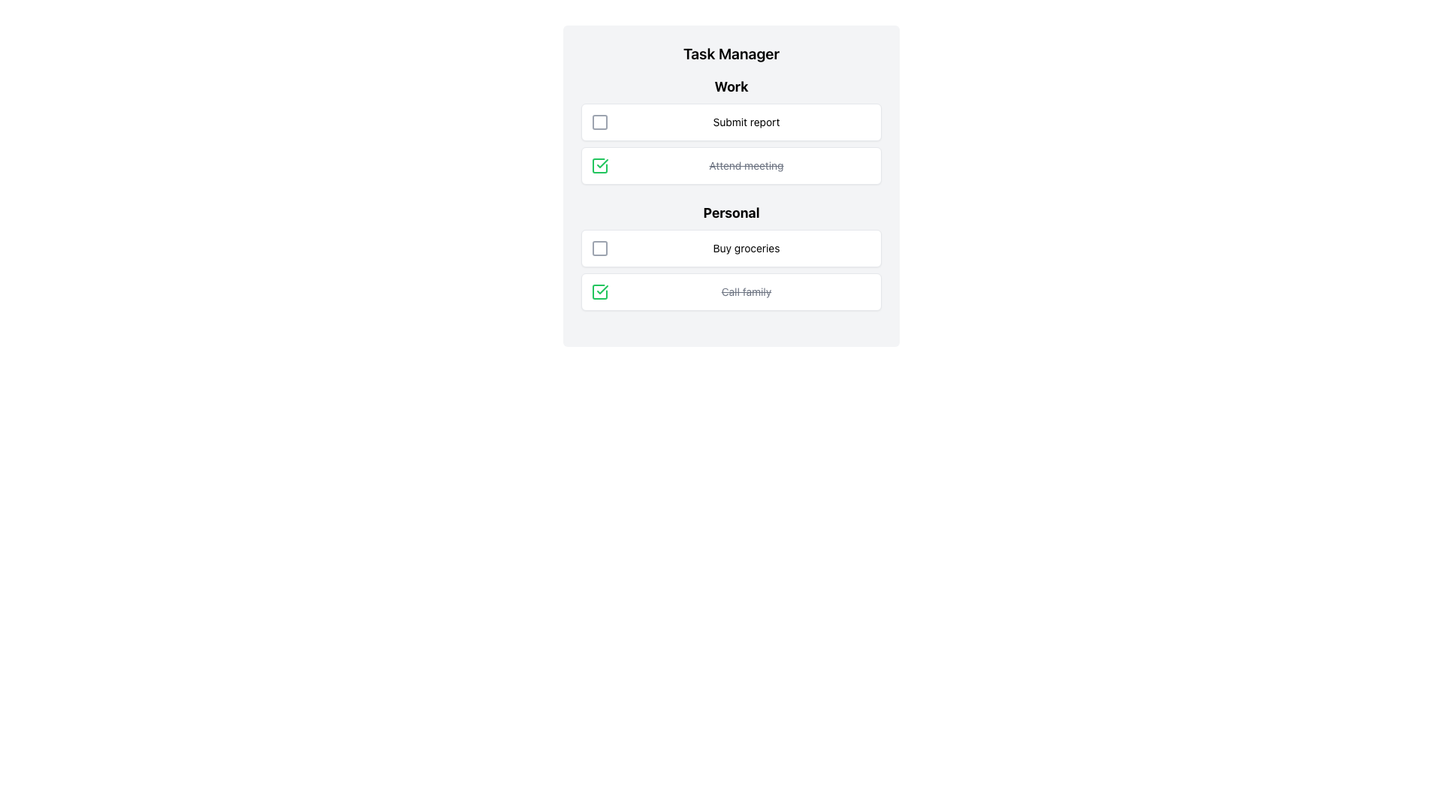 The image size is (1442, 811). Describe the element at coordinates (599, 248) in the screenshot. I see `the checkbox located next to the 'Buy groceries' text in the 'Personal' section of the interface` at that location.